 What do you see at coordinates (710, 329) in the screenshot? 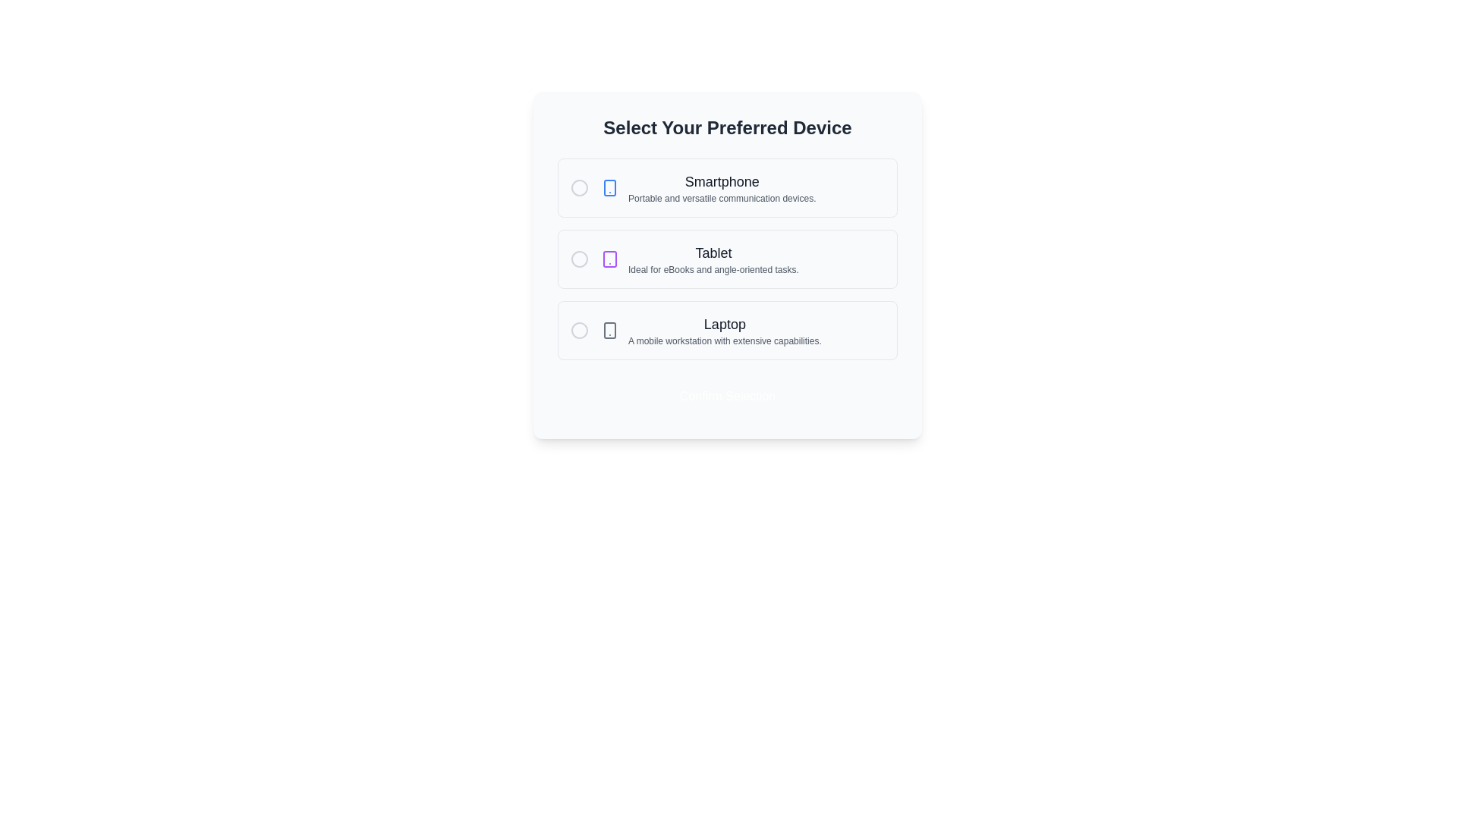
I see `the 'Laptop' option in the selectable list` at bounding box center [710, 329].